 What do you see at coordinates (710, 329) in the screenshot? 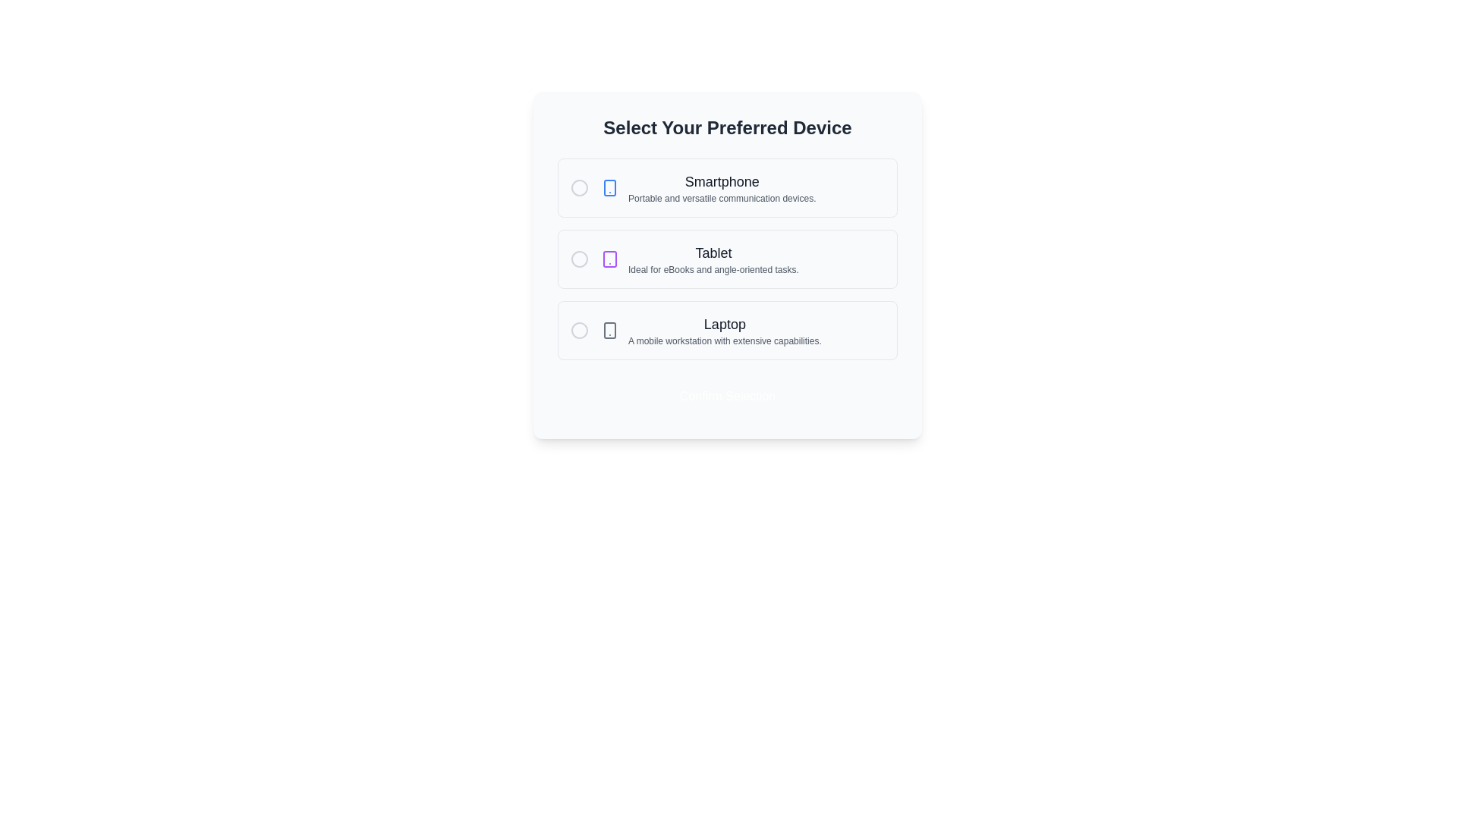
I see `the 'Laptop' option in the selectable list` at bounding box center [710, 329].